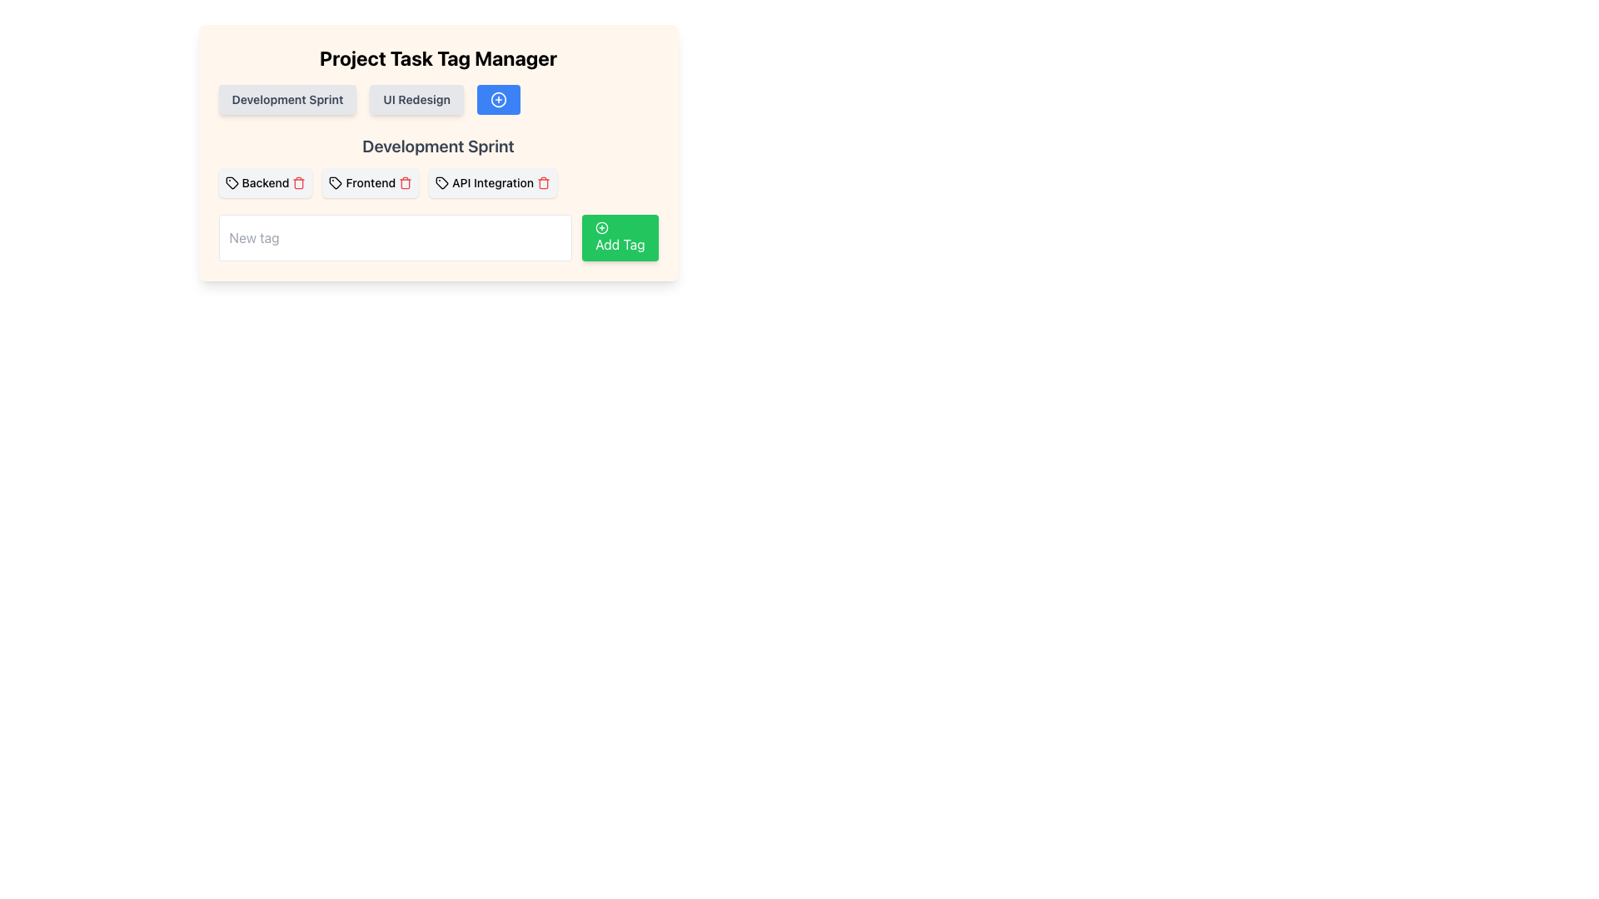 Image resolution: width=1599 pixels, height=899 pixels. Describe the element at coordinates (264, 182) in the screenshot. I see `the Text Label that identifies the category or type of content associated with the tag, located at the leftmost position within the row of tags under the 'Development Sprint' heading` at that location.